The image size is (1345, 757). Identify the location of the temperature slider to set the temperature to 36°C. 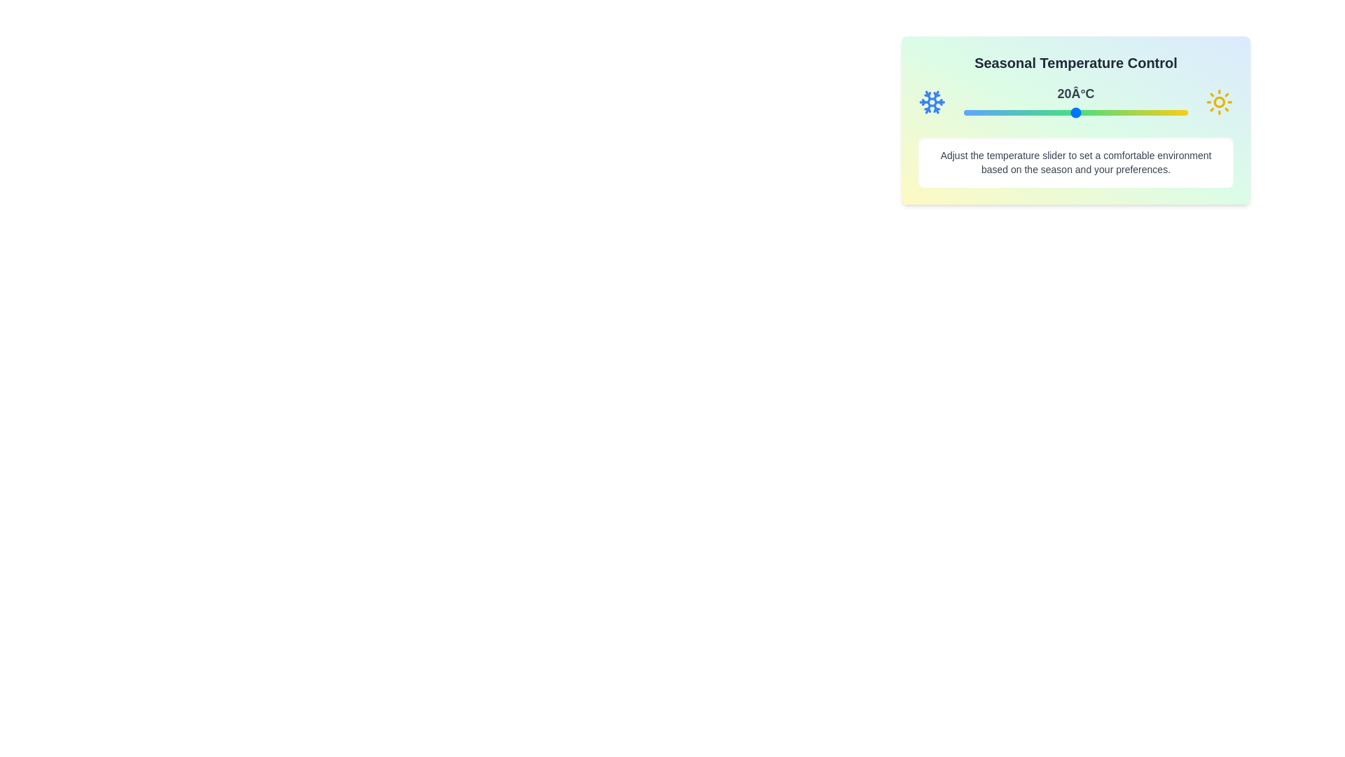
(1136, 112).